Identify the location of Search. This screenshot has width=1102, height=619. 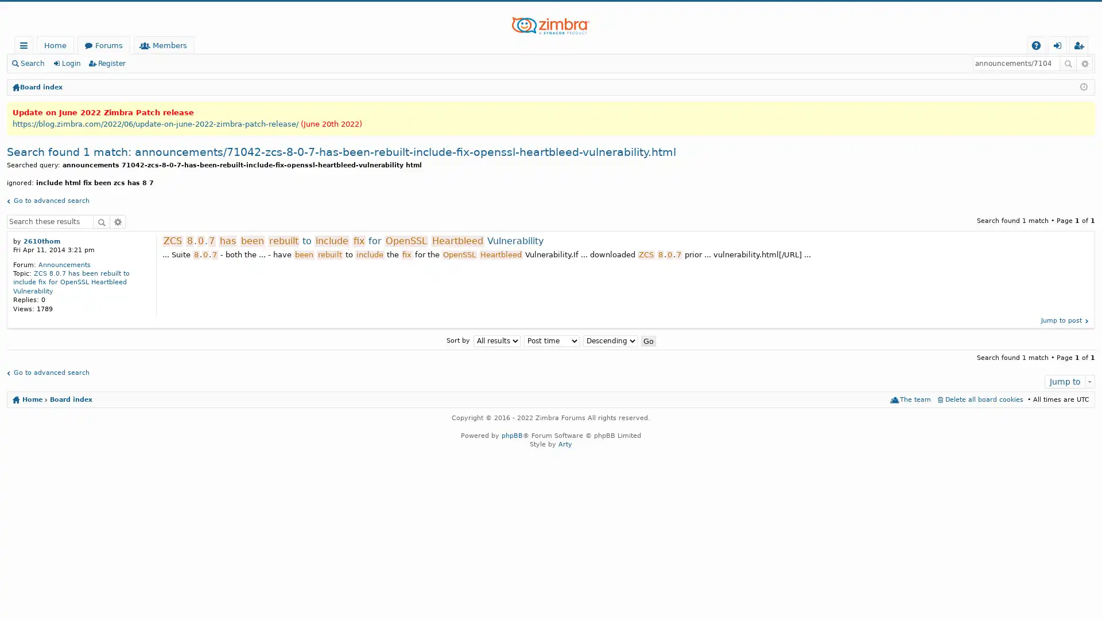
(102, 221).